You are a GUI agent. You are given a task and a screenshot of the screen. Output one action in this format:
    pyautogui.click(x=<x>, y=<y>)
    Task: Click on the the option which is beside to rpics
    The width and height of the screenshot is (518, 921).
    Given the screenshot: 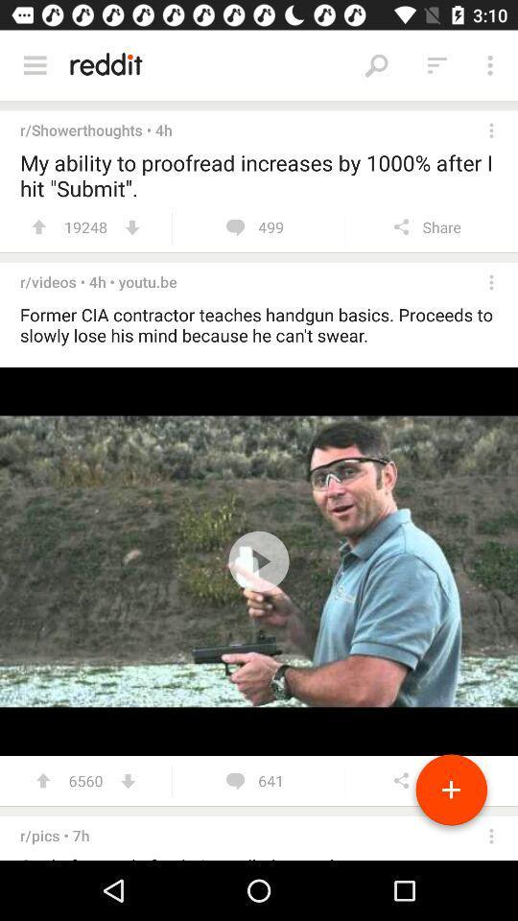 What is the action you would take?
    pyautogui.click(x=491, y=835)
    